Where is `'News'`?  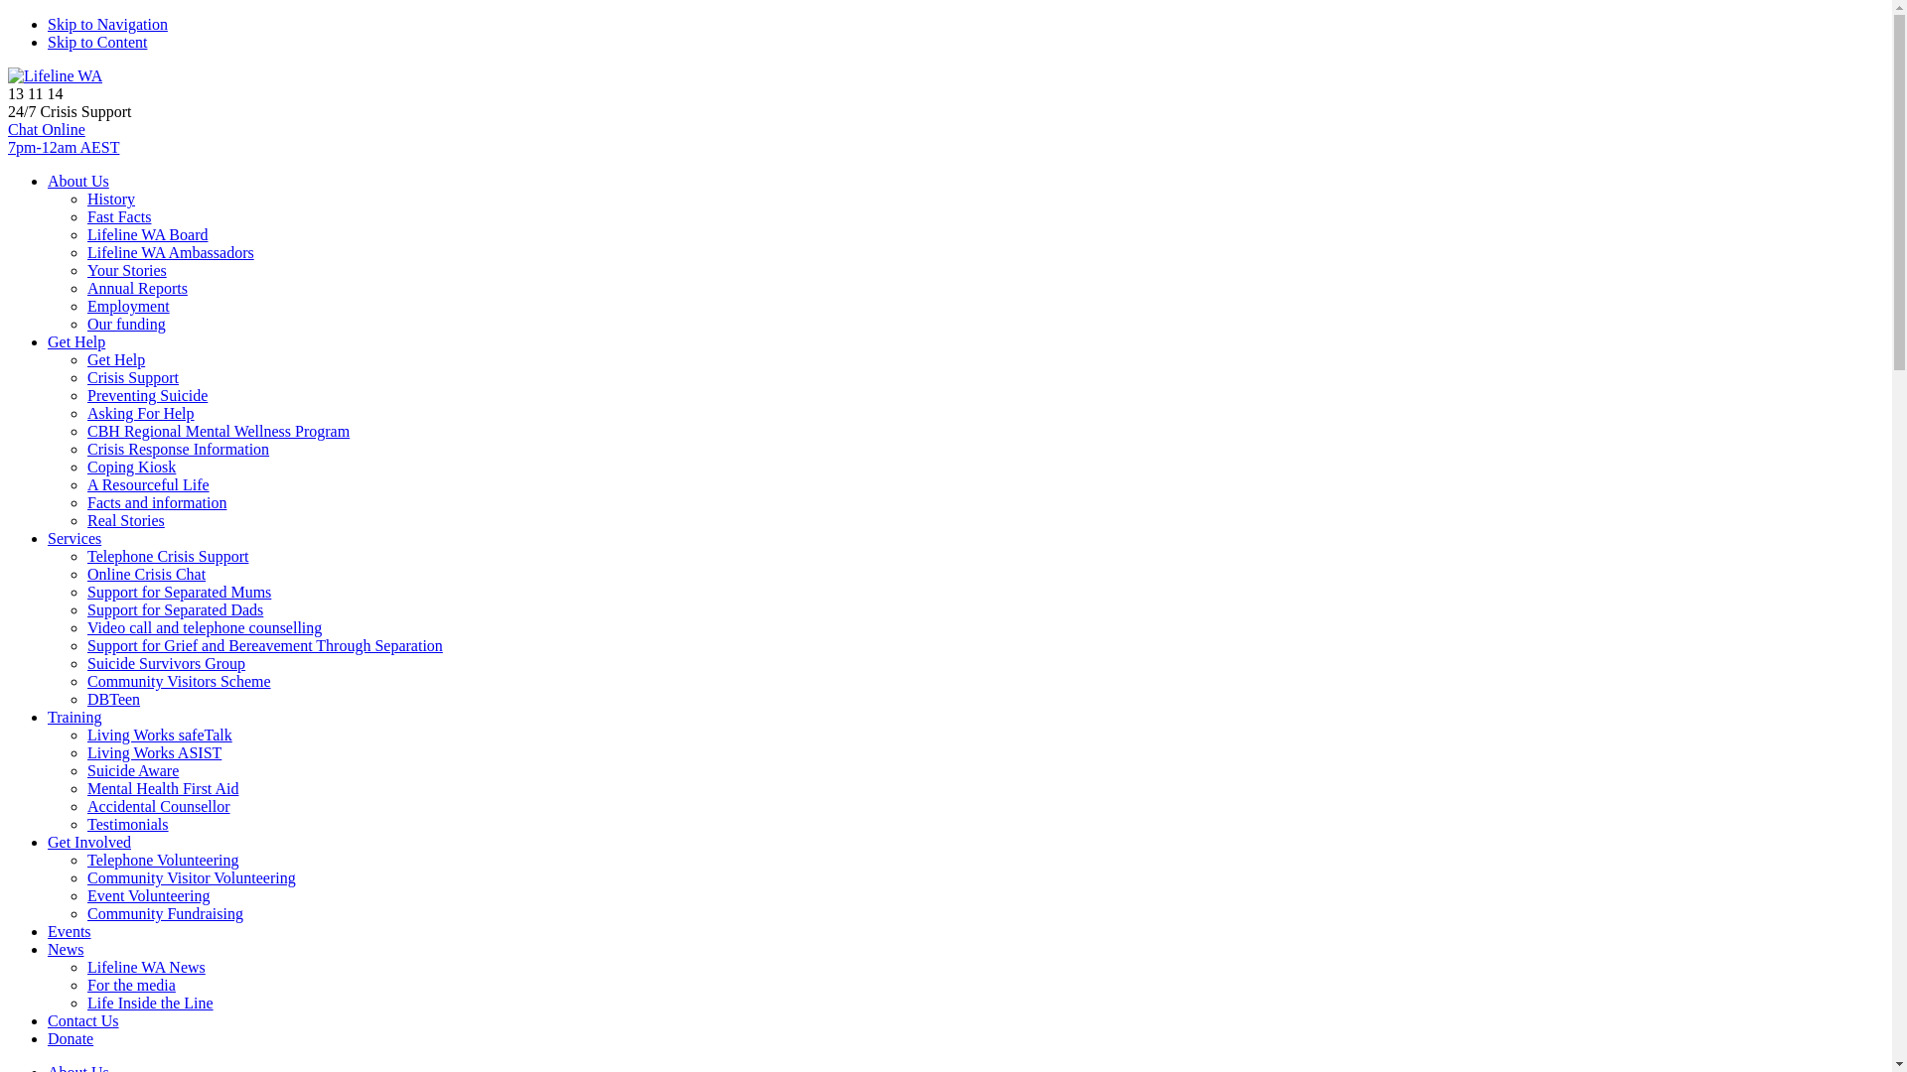
'News' is located at coordinates (66, 948).